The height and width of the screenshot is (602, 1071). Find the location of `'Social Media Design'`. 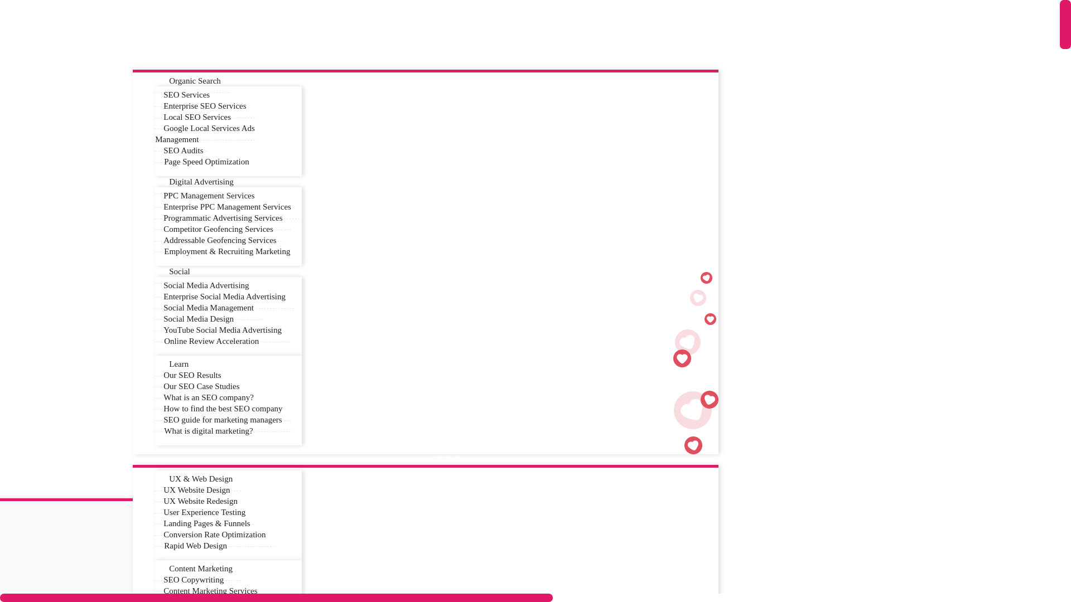

'Social Media Design' is located at coordinates (198, 319).